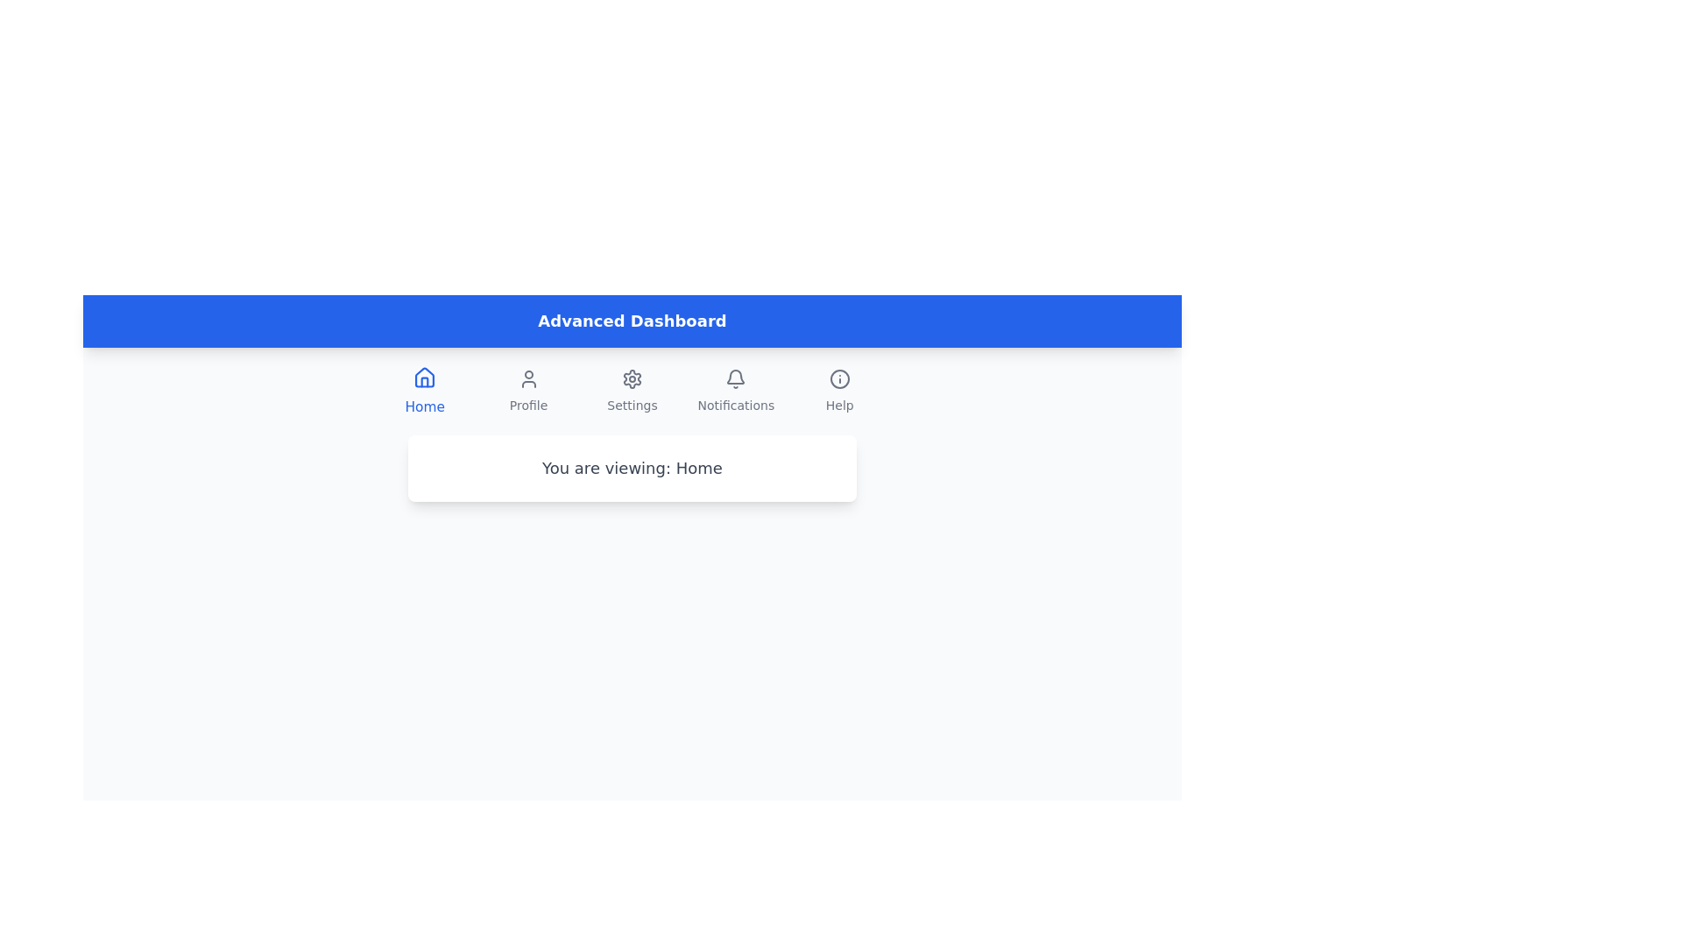 This screenshot has width=1682, height=946. Describe the element at coordinates (425, 377) in the screenshot. I see `the house-shaped icon in the navigation bar` at that location.